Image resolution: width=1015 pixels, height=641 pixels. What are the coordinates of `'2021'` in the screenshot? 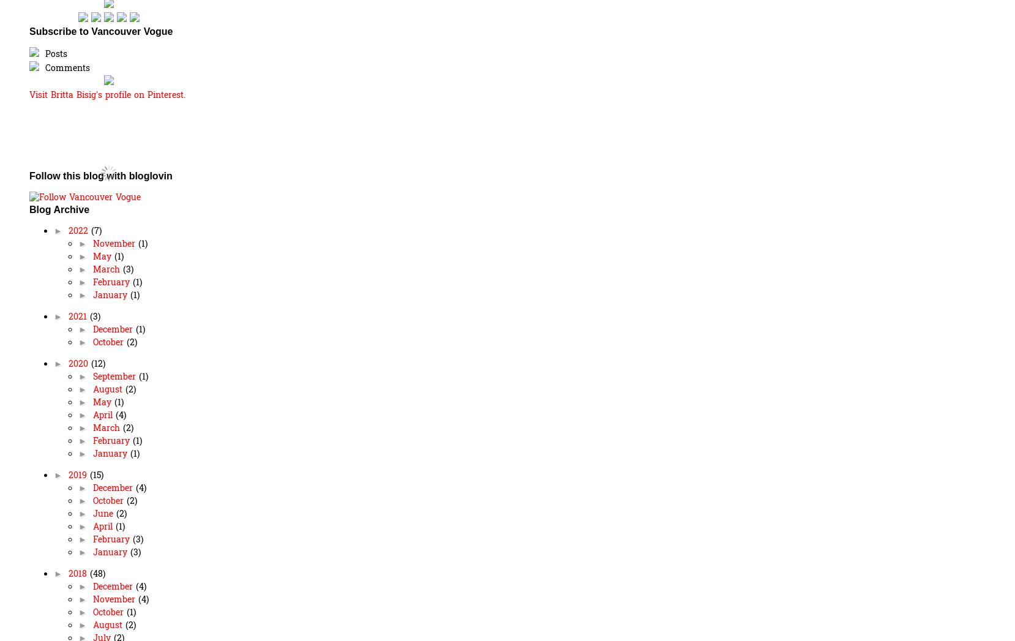 It's located at (78, 316).